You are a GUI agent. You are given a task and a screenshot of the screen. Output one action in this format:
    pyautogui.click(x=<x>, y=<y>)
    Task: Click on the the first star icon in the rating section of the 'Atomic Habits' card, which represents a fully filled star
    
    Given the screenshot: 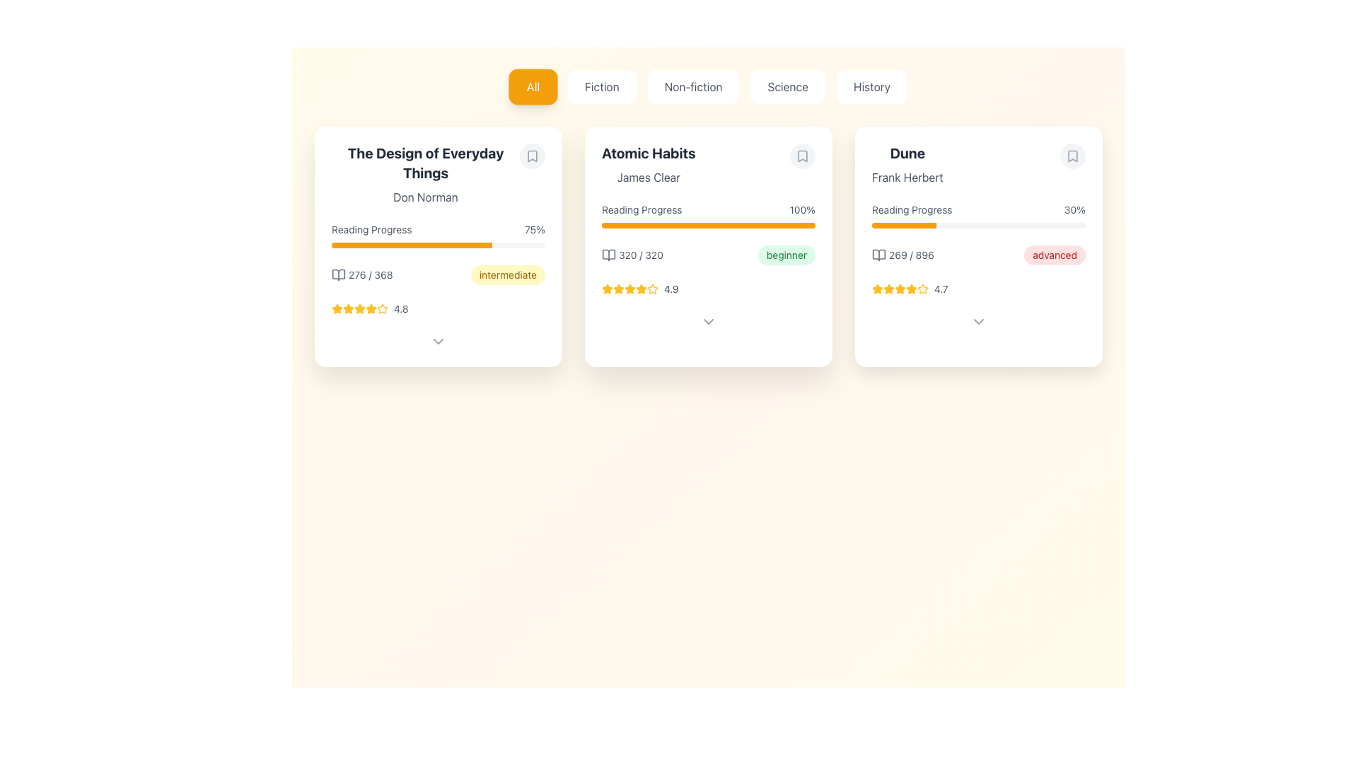 What is the action you would take?
    pyautogui.click(x=618, y=288)
    